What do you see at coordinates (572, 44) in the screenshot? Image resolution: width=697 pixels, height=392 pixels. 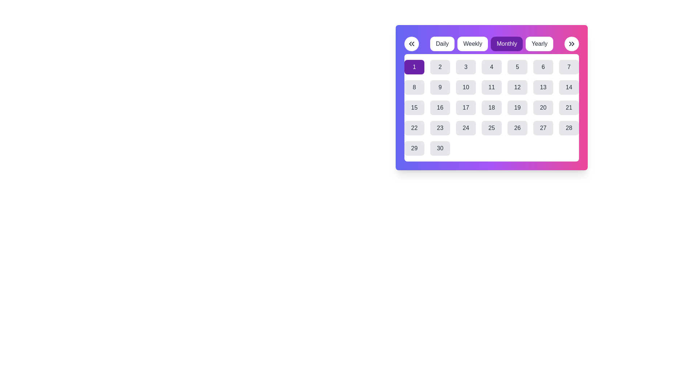 I see `the rightward chevron arrow icon, which is the second arrow in a pair of chevron arrows, located inside the last circular button on the top-right corner of the calendar component` at bounding box center [572, 44].